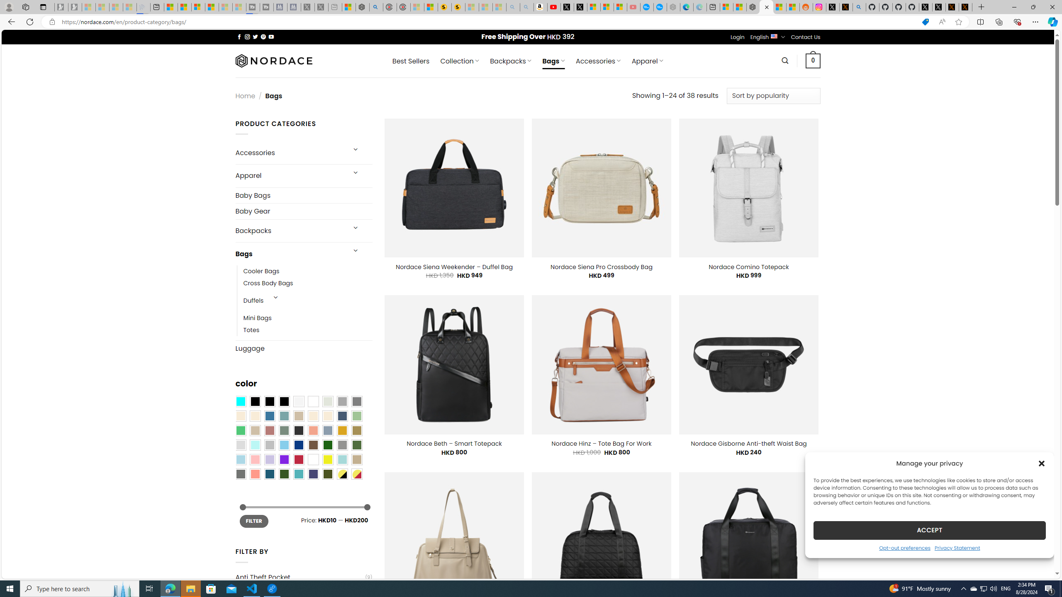 This screenshot has width=1062, height=597. Describe the element at coordinates (273, 60) in the screenshot. I see `'Nordace'` at that location.